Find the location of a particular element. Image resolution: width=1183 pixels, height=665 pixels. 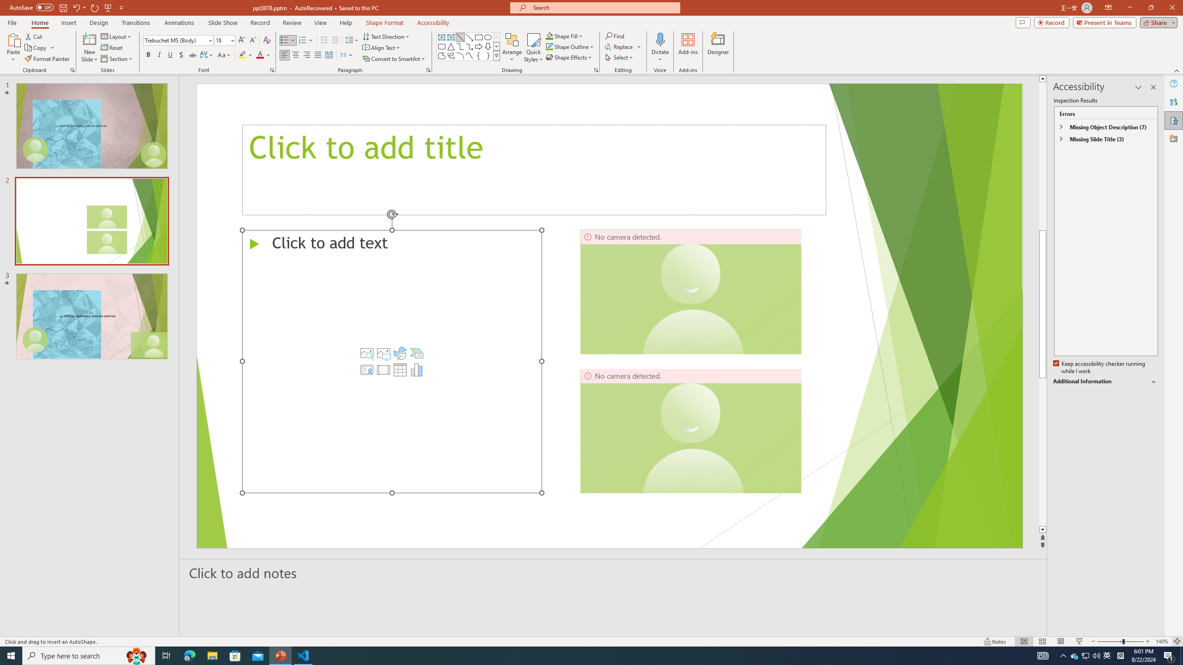

'Change Case' is located at coordinates (224, 54).